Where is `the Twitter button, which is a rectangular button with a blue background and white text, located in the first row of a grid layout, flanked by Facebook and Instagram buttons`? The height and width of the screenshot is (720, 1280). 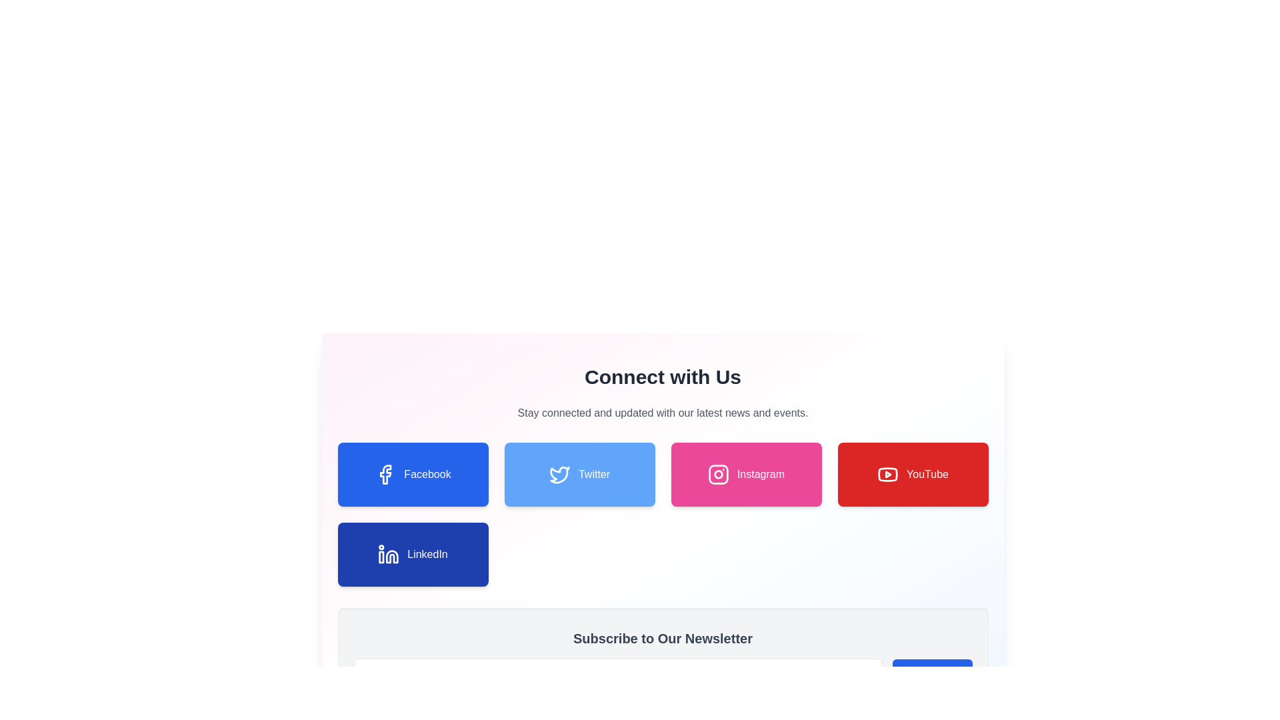 the Twitter button, which is a rectangular button with a blue background and white text, located in the first row of a grid layout, flanked by Facebook and Instagram buttons is located at coordinates (579, 474).